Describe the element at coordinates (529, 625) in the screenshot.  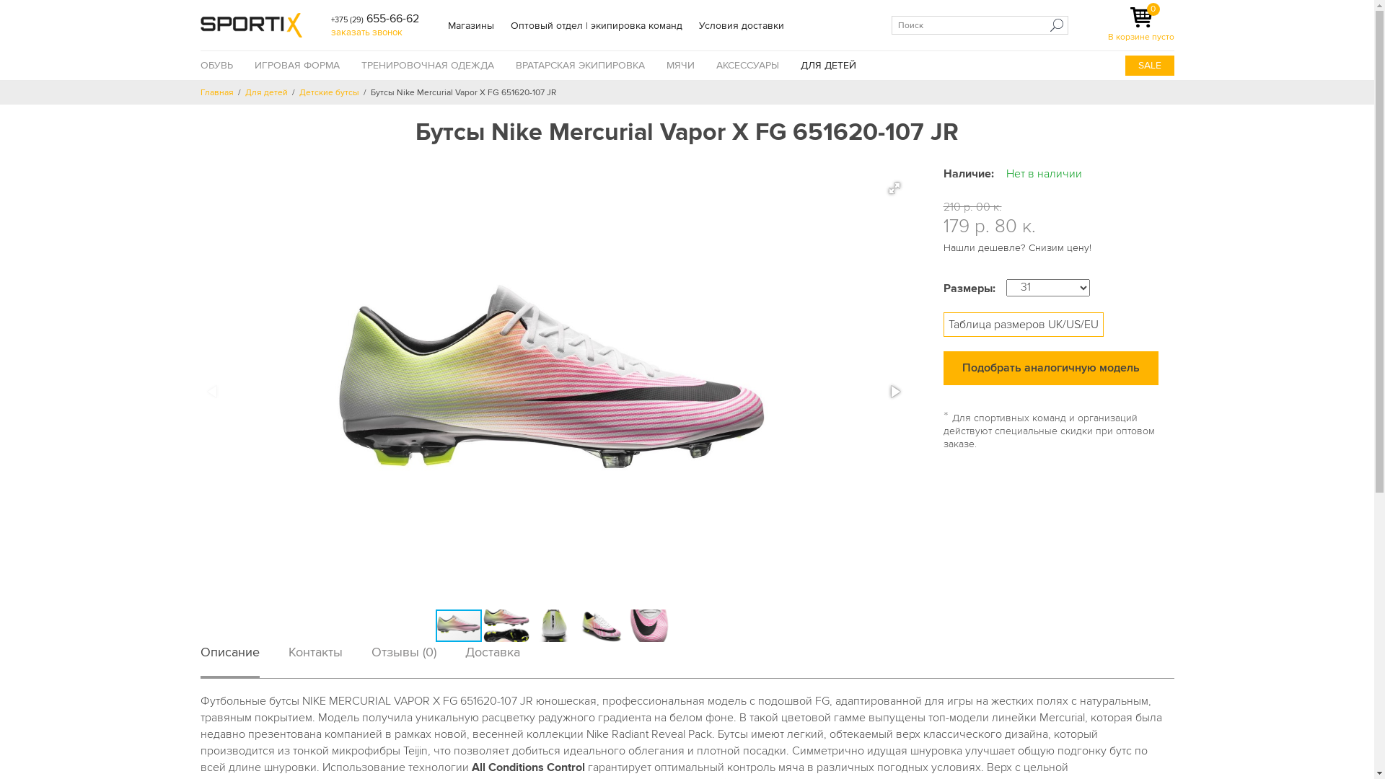
I see `'Nike Mercurial Vapor X FG 651620-107 JR_2.jpg'` at that location.